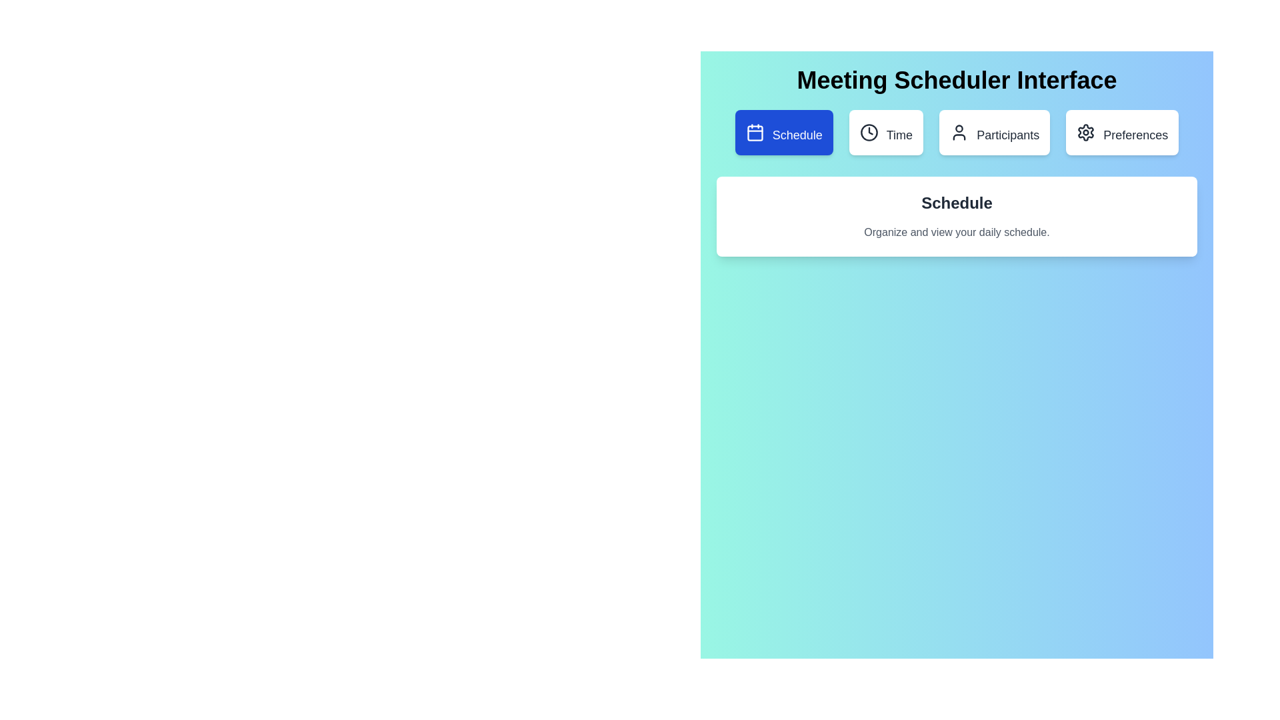 The image size is (1280, 720). Describe the element at coordinates (869, 133) in the screenshot. I see `the 'Time' icon located within the 'Time' button, which is the second button in a horizontal row, to enhance user recognition and interaction` at that location.